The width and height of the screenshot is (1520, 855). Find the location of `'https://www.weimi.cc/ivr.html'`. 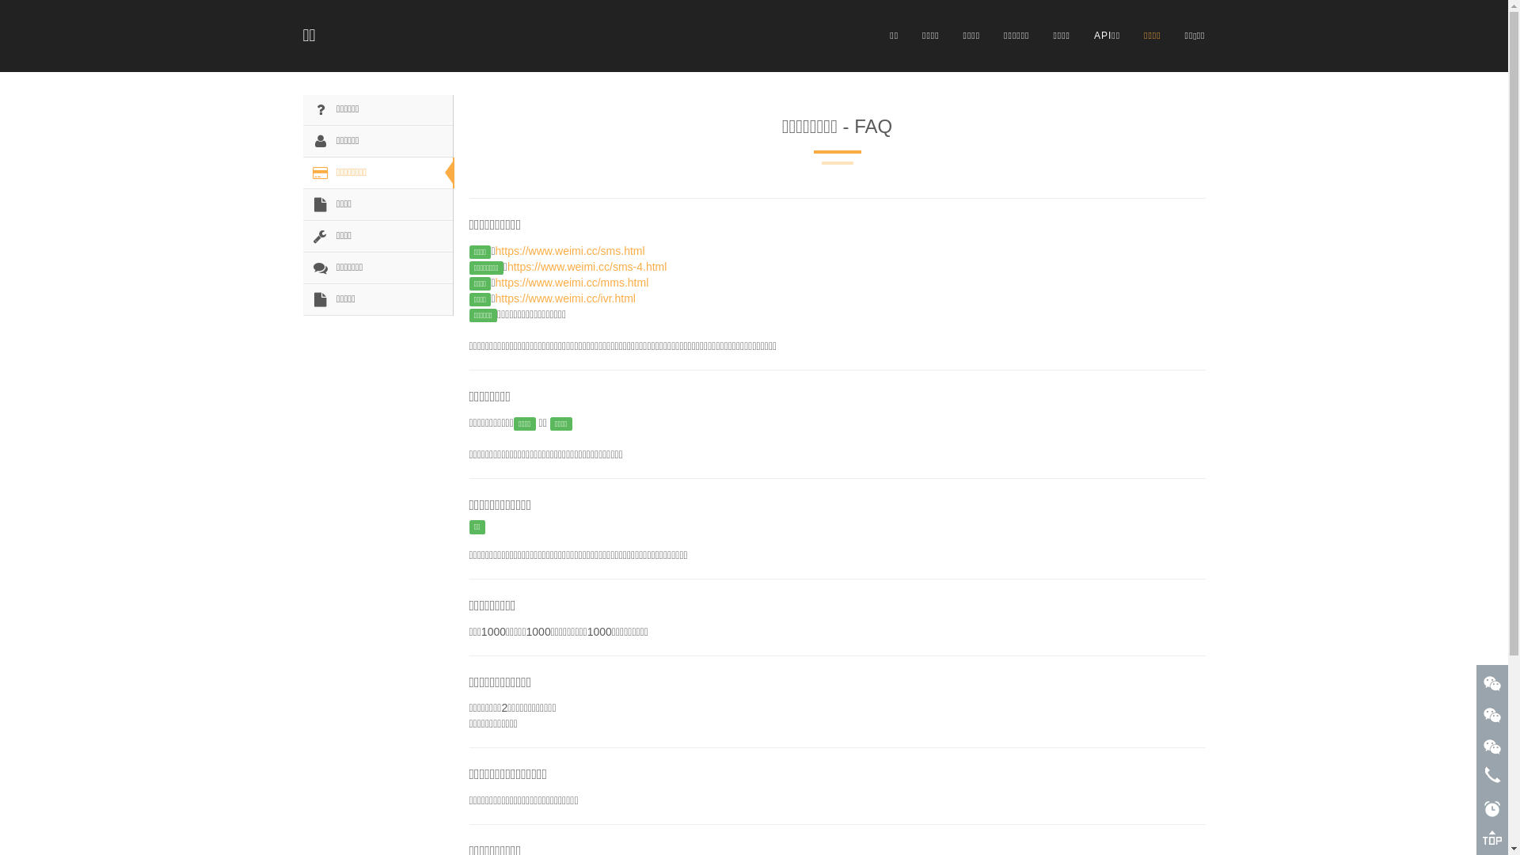

'https://www.weimi.cc/ivr.html' is located at coordinates (494, 298).